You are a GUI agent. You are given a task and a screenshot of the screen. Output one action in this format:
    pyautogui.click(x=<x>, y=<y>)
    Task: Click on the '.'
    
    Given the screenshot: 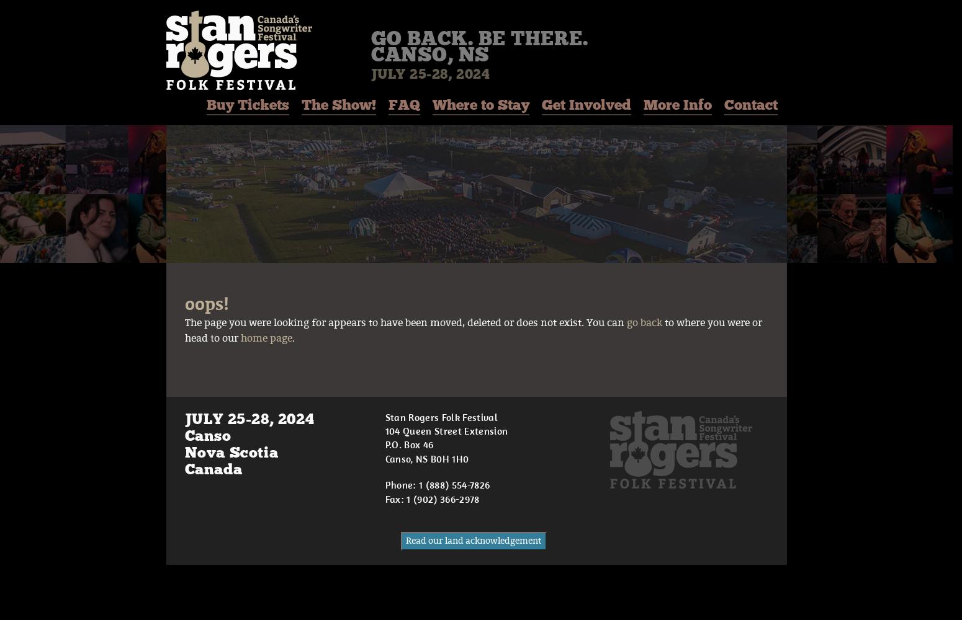 What is the action you would take?
    pyautogui.click(x=292, y=339)
    